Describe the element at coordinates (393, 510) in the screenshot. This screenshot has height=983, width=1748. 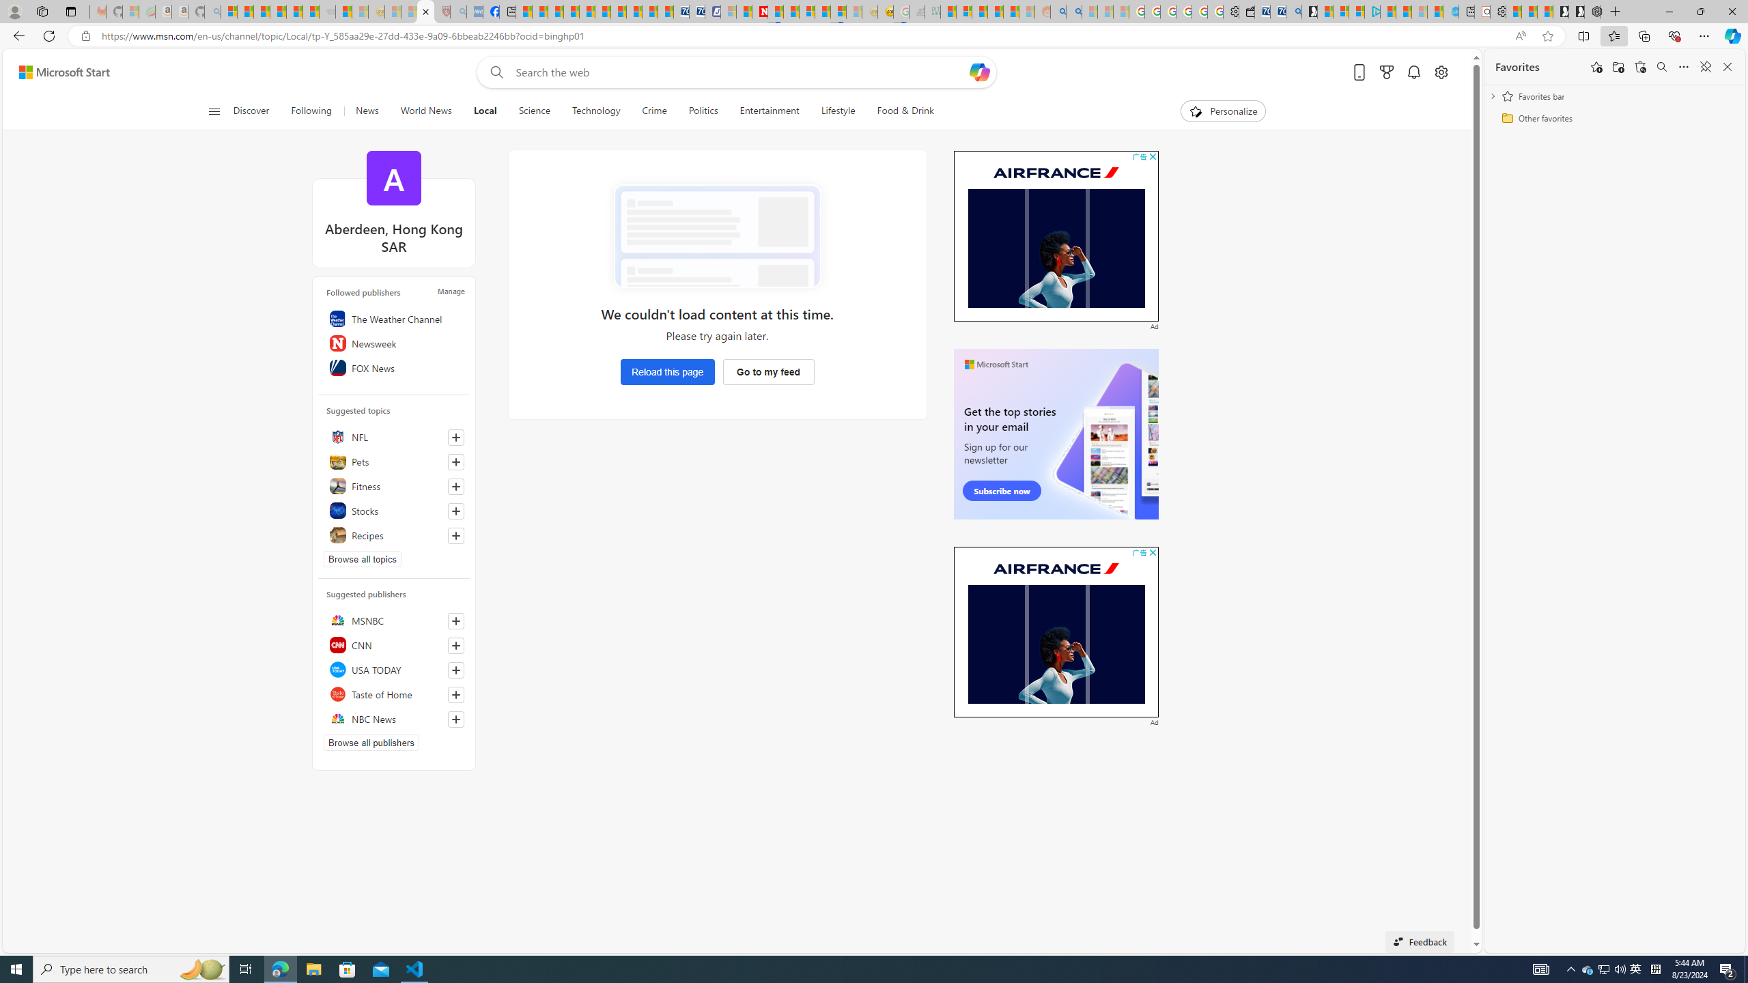
I see `'Stocks'` at that location.